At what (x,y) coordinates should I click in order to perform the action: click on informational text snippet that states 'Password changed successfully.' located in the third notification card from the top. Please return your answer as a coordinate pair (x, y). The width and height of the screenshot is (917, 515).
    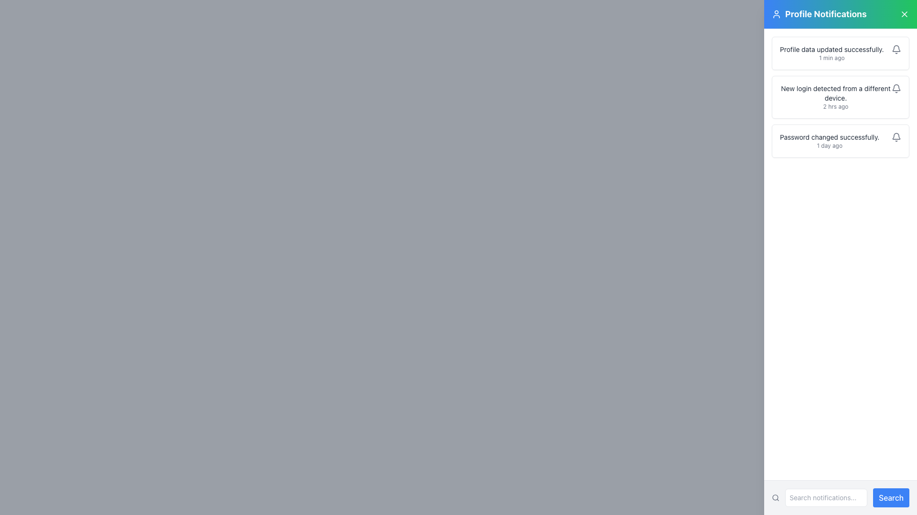
    Looking at the image, I should click on (829, 137).